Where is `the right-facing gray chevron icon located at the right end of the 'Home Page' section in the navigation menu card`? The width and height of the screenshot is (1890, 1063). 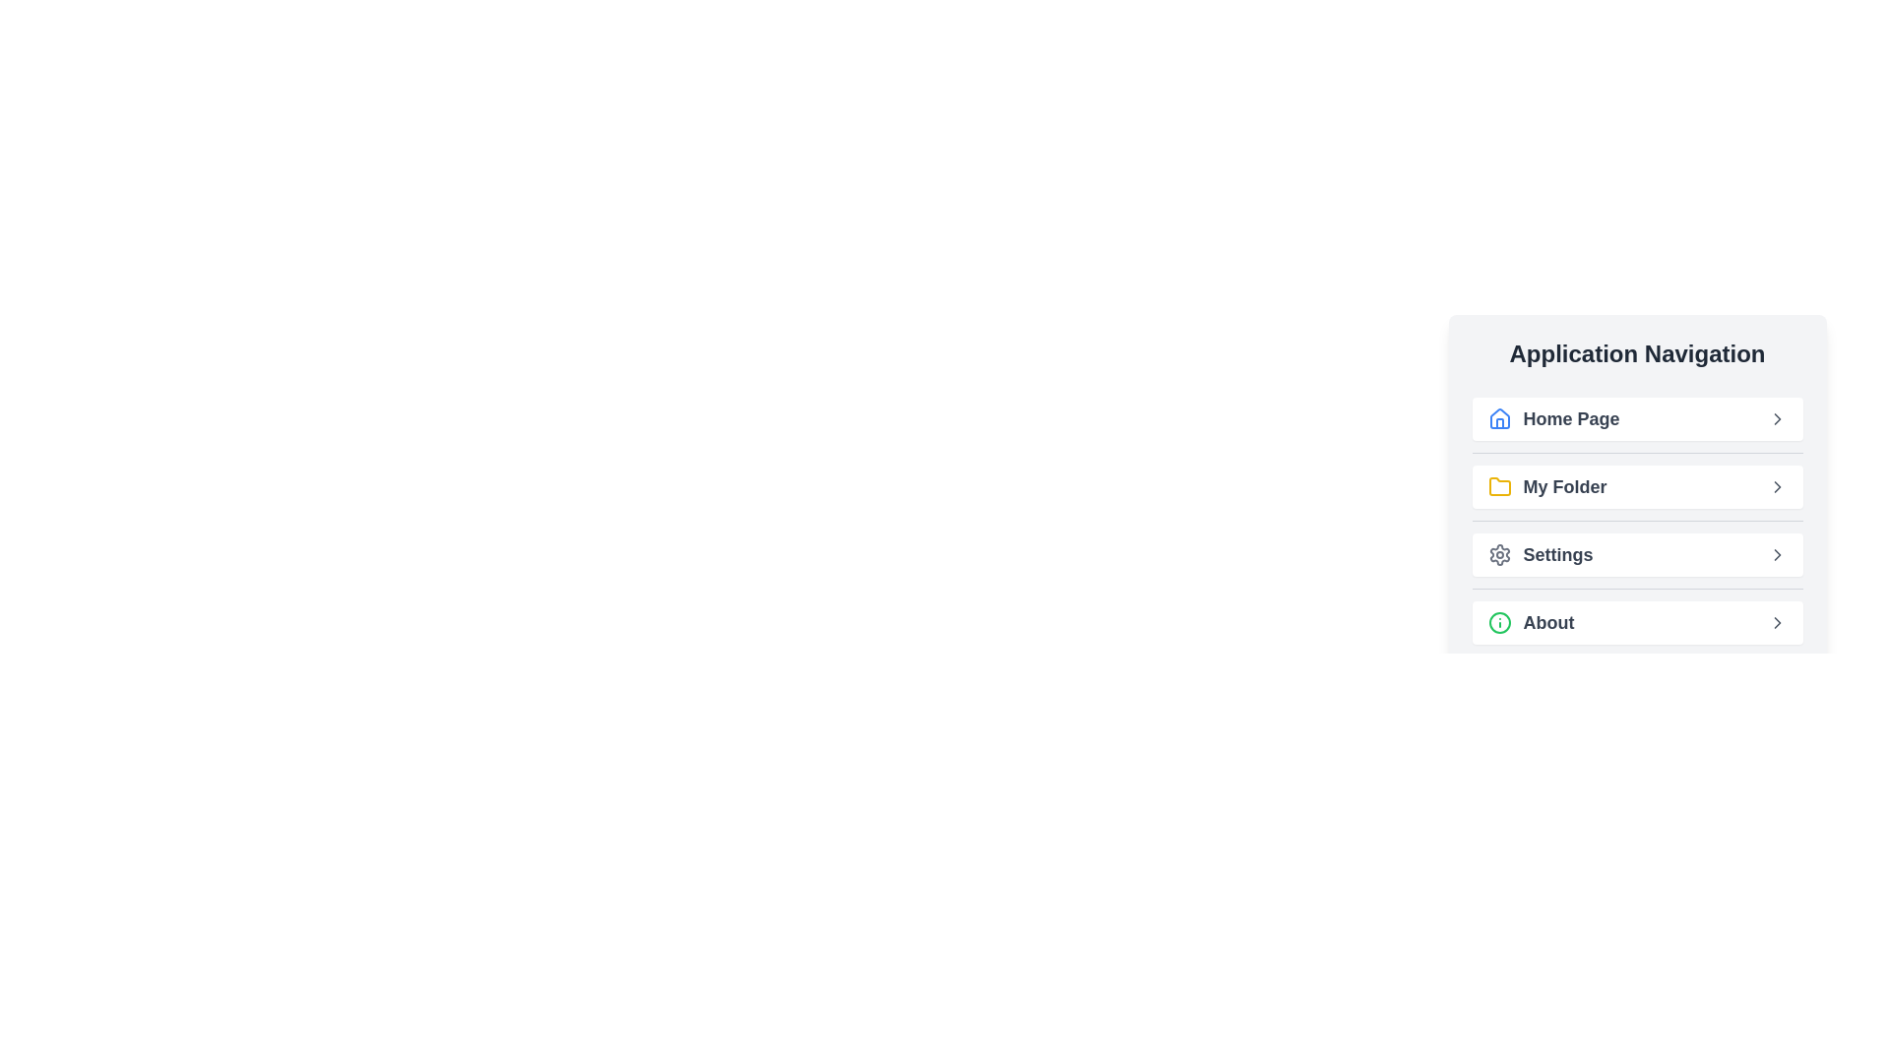 the right-facing gray chevron icon located at the right end of the 'Home Page' section in the navigation menu card is located at coordinates (1777, 417).